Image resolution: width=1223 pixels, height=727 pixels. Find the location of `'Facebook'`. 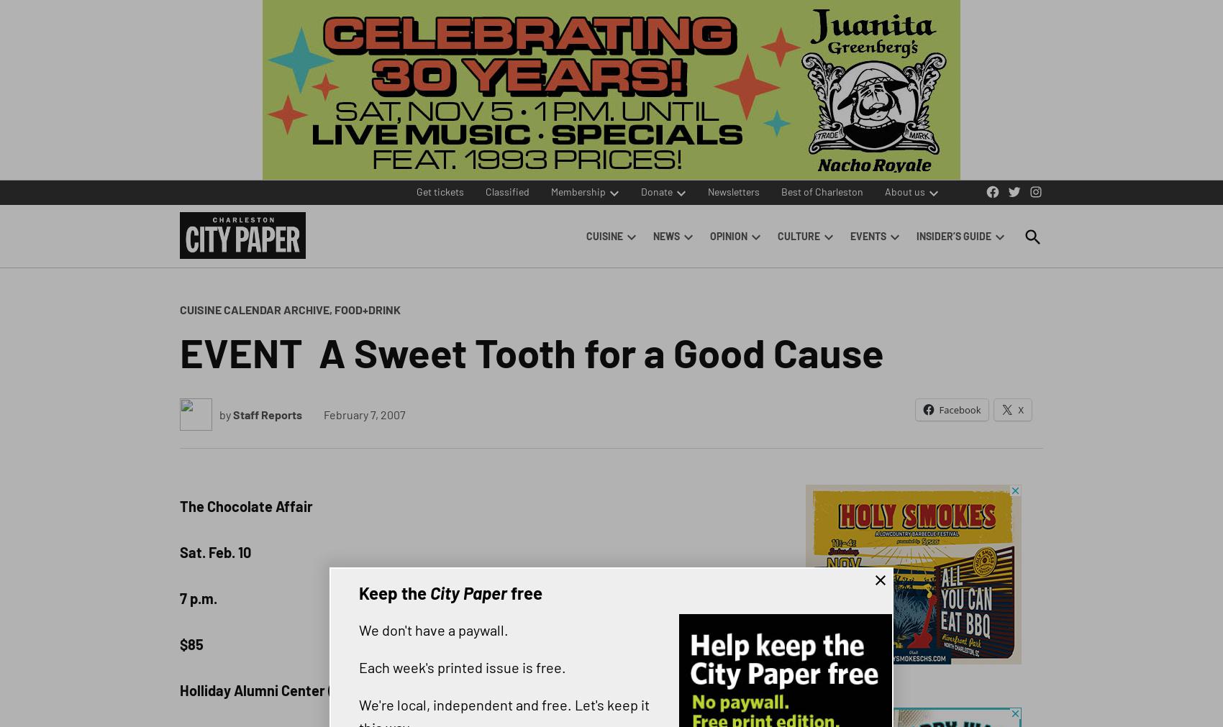

'Facebook' is located at coordinates (959, 408).